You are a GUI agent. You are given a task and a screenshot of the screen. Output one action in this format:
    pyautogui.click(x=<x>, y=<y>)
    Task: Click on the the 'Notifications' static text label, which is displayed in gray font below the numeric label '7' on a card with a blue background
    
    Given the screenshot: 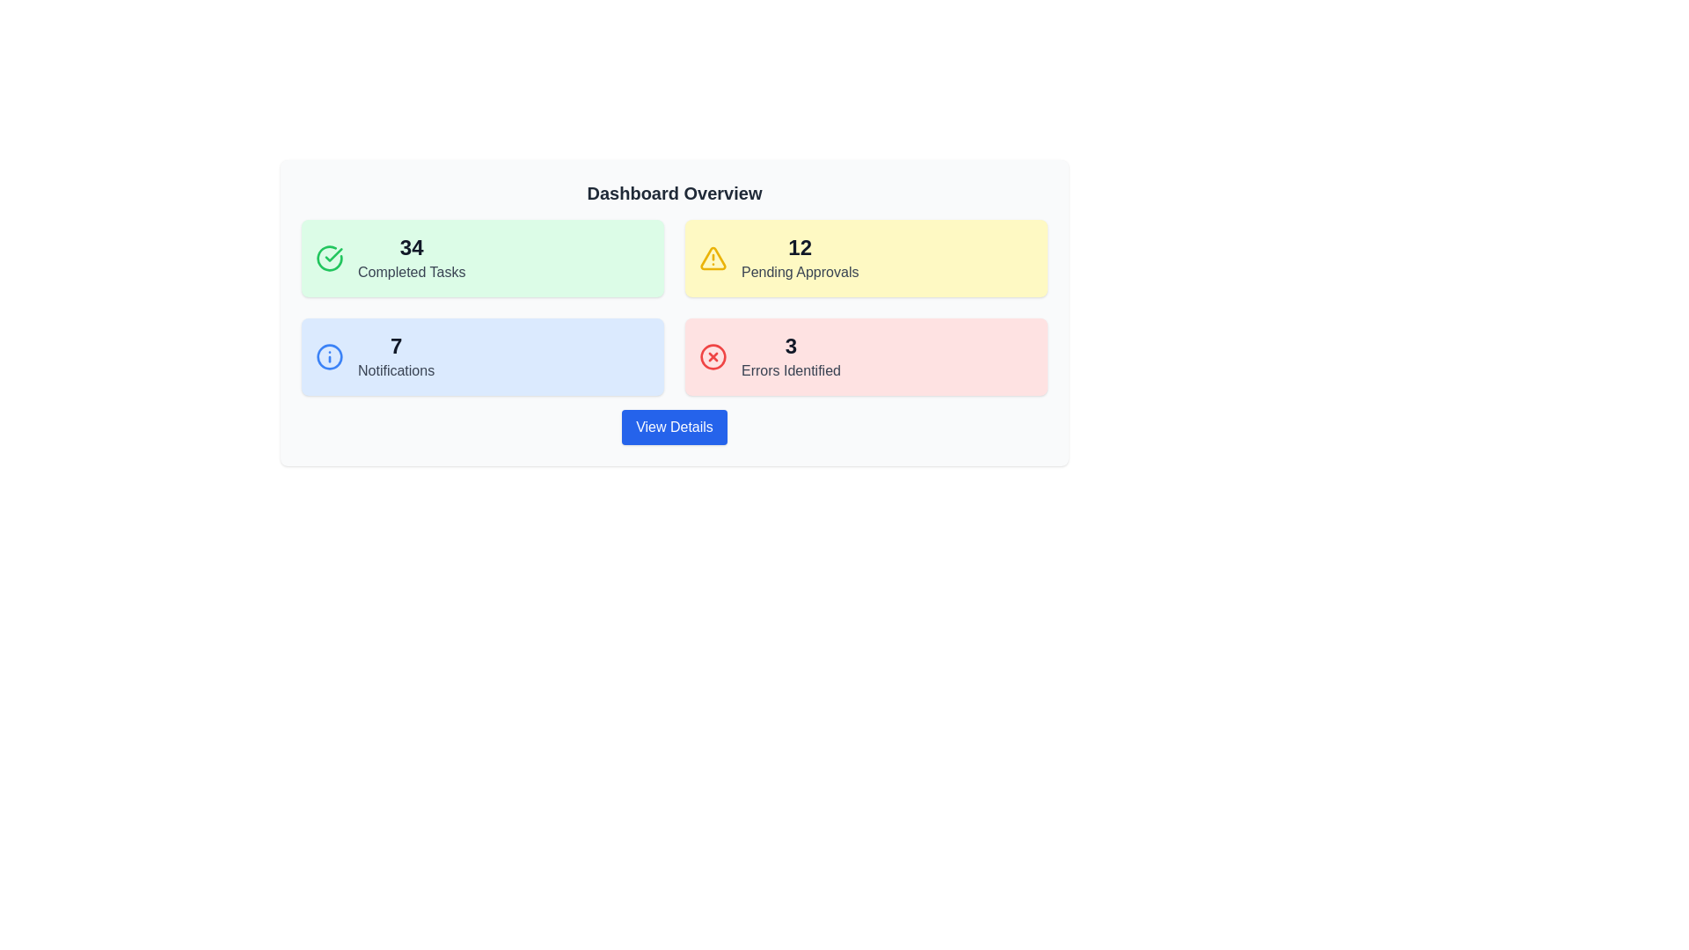 What is the action you would take?
    pyautogui.click(x=395, y=369)
    